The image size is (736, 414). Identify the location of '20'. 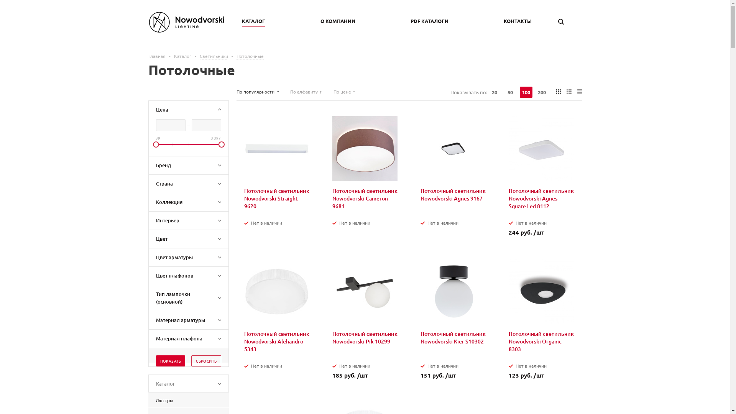
(495, 92).